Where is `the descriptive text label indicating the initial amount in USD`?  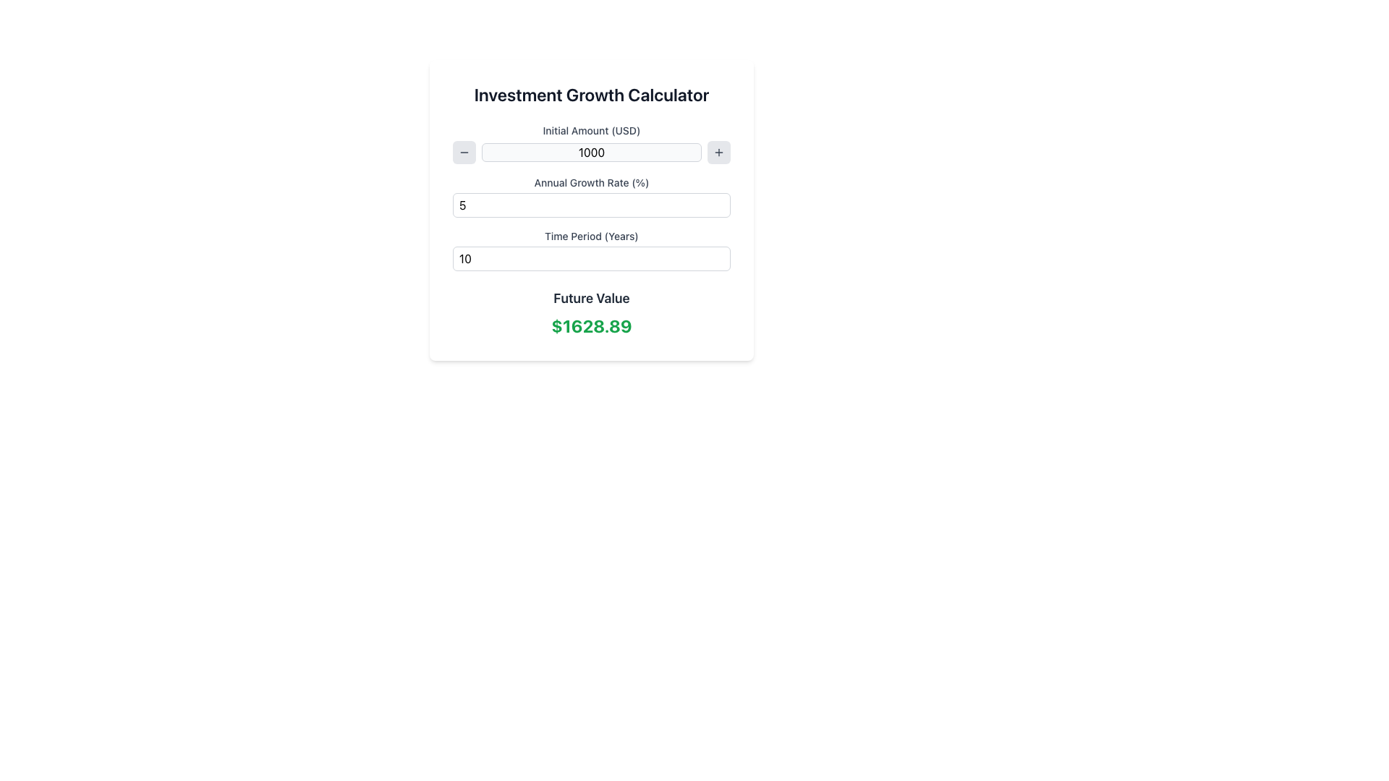
the descriptive text label indicating the initial amount in USD is located at coordinates (591, 131).